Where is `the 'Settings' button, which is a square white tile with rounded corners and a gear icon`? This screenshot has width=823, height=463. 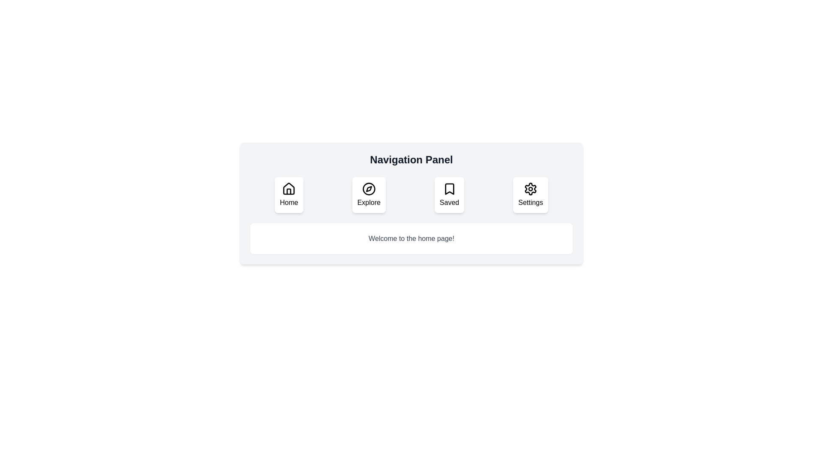
the 'Settings' button, which is a square white tile with rounded corners and a gear icon is located at coordinates (530, 195).